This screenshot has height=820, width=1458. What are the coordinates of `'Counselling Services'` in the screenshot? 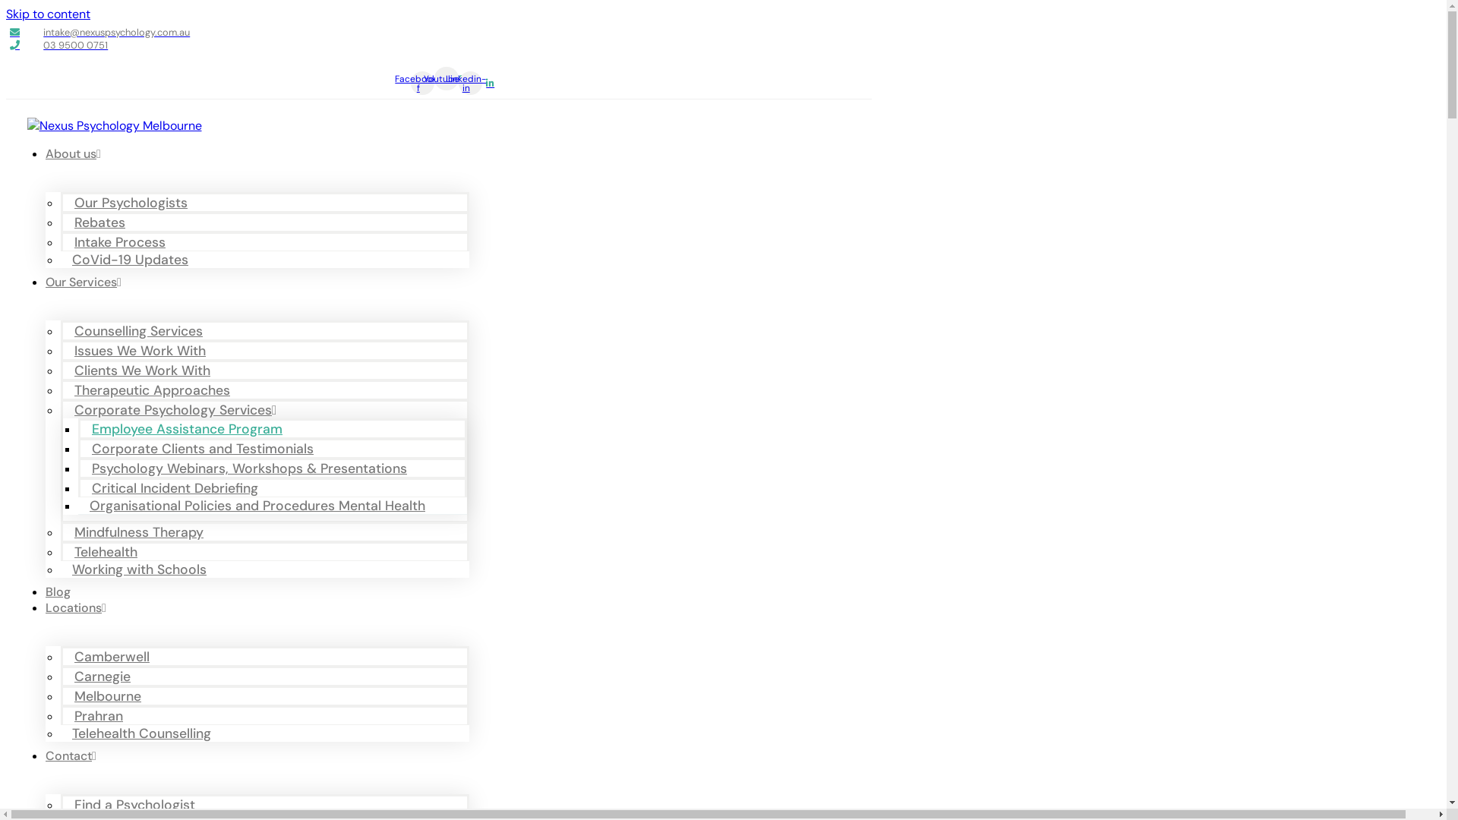 It's located at (142, 330).